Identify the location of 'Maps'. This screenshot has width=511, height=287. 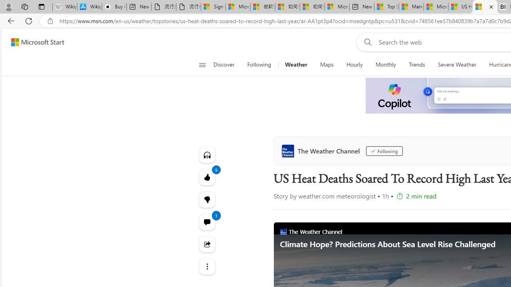
(327, 65).